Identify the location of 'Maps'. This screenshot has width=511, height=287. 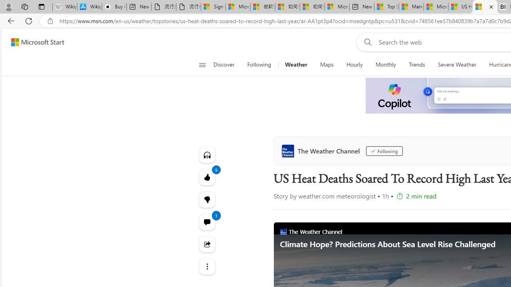
(327, 65).